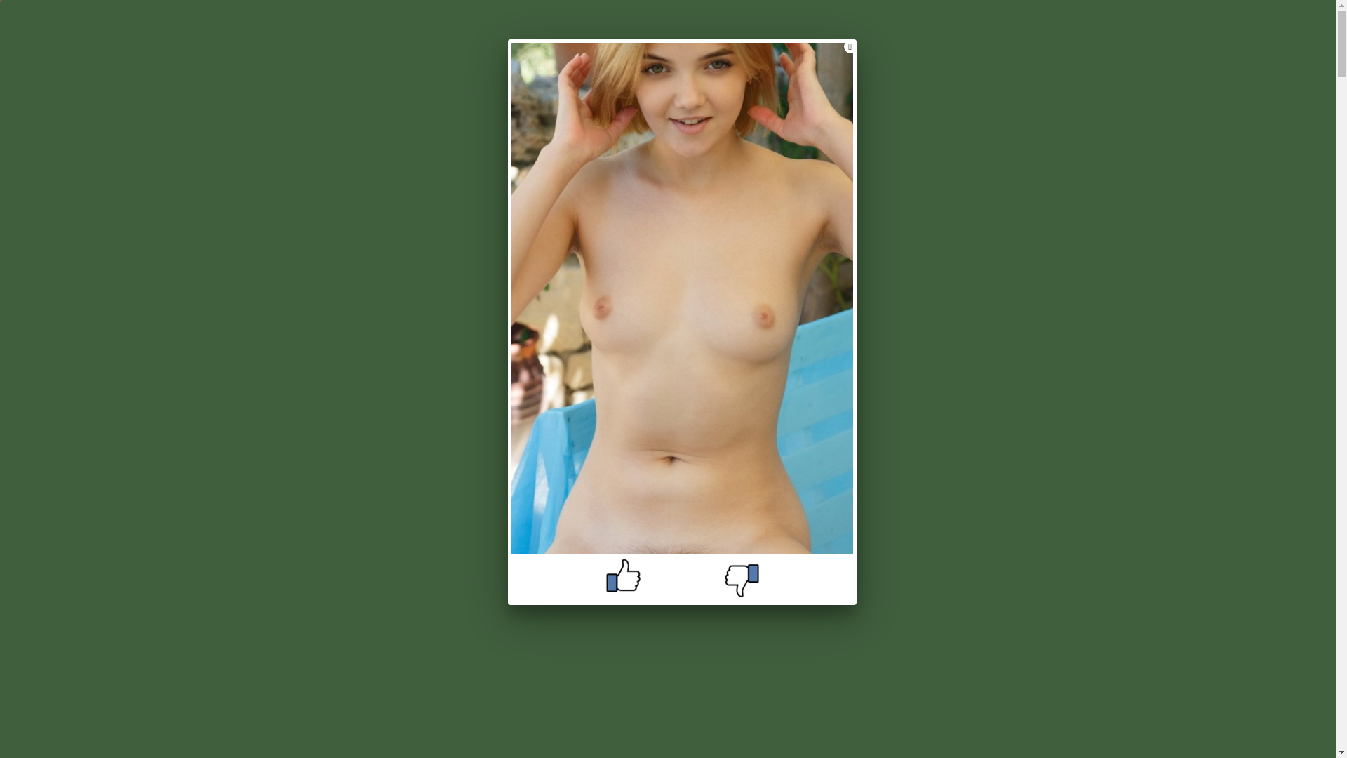 This screenshot has height=758, width=1347. I want to click on 'Close', so click(843, 45).